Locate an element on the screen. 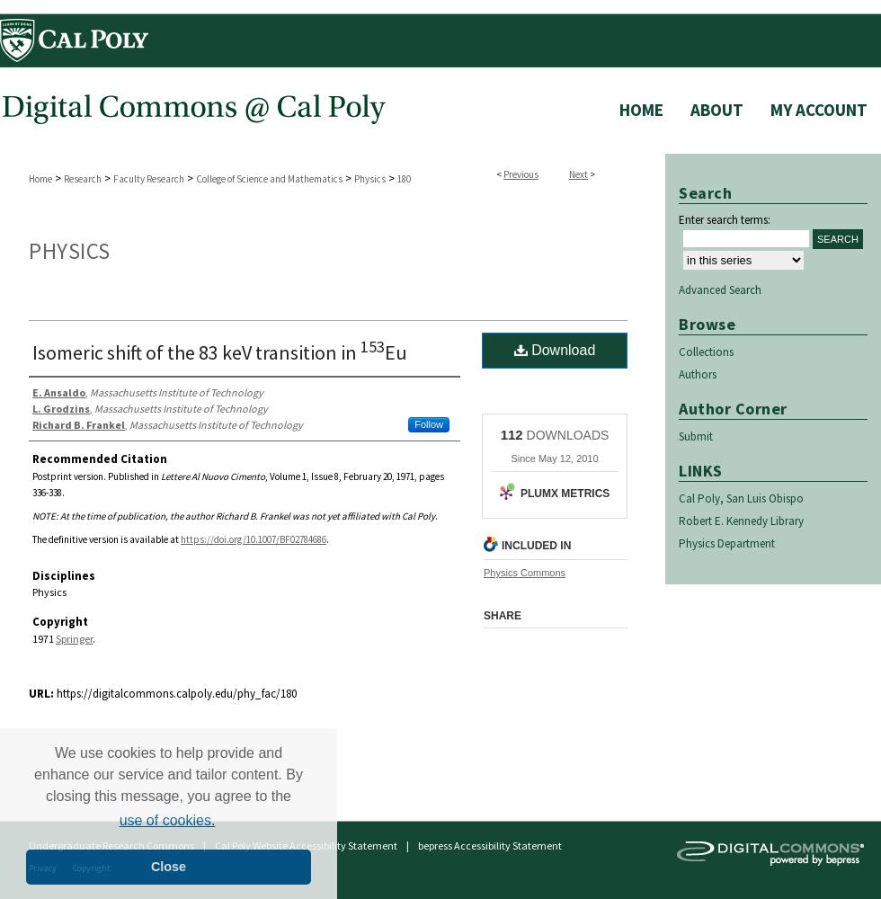  'Author Corner' is located at coordinates (678, 406).